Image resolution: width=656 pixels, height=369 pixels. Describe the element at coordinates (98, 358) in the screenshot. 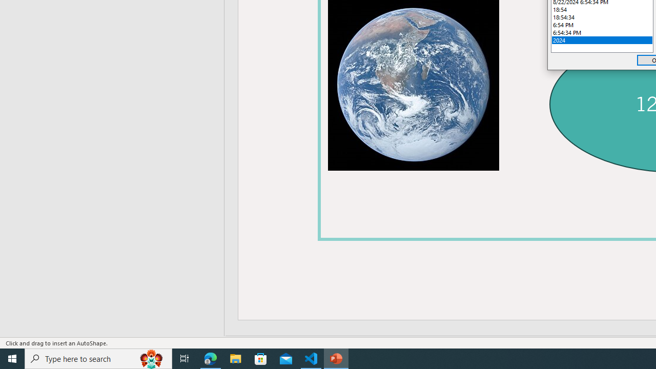

I see `'Type here to search'` at that location.